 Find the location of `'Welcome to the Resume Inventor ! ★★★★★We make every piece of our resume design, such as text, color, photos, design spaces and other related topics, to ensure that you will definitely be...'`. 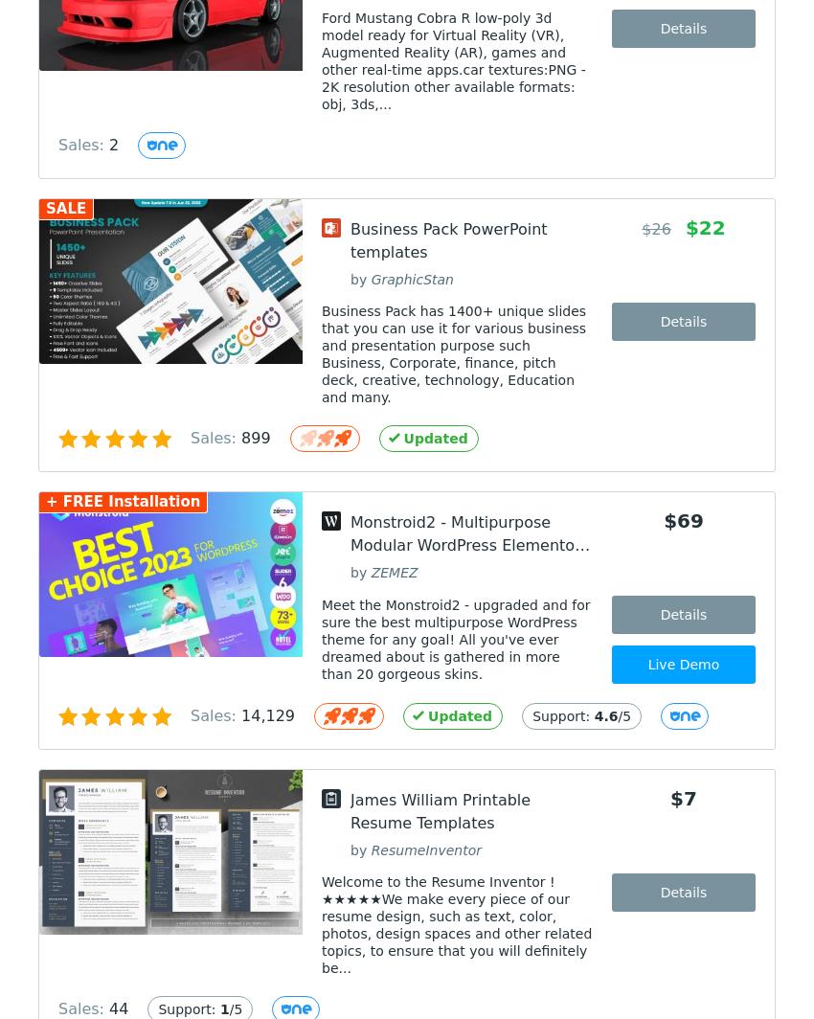

'Welcome to the Resume Inventor ! ★★★★★We make every piece of our resume design, such as text, color, photos, design spaces and other related topics, to ensure that you will definitely be...' is located at coordinates (457, 925).